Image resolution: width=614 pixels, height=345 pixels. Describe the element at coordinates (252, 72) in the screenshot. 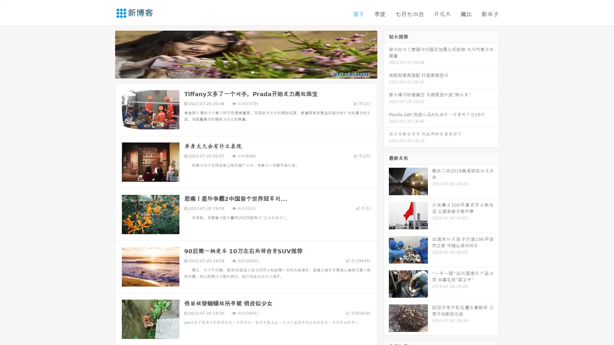

I see `Go to slide 3` at that location.